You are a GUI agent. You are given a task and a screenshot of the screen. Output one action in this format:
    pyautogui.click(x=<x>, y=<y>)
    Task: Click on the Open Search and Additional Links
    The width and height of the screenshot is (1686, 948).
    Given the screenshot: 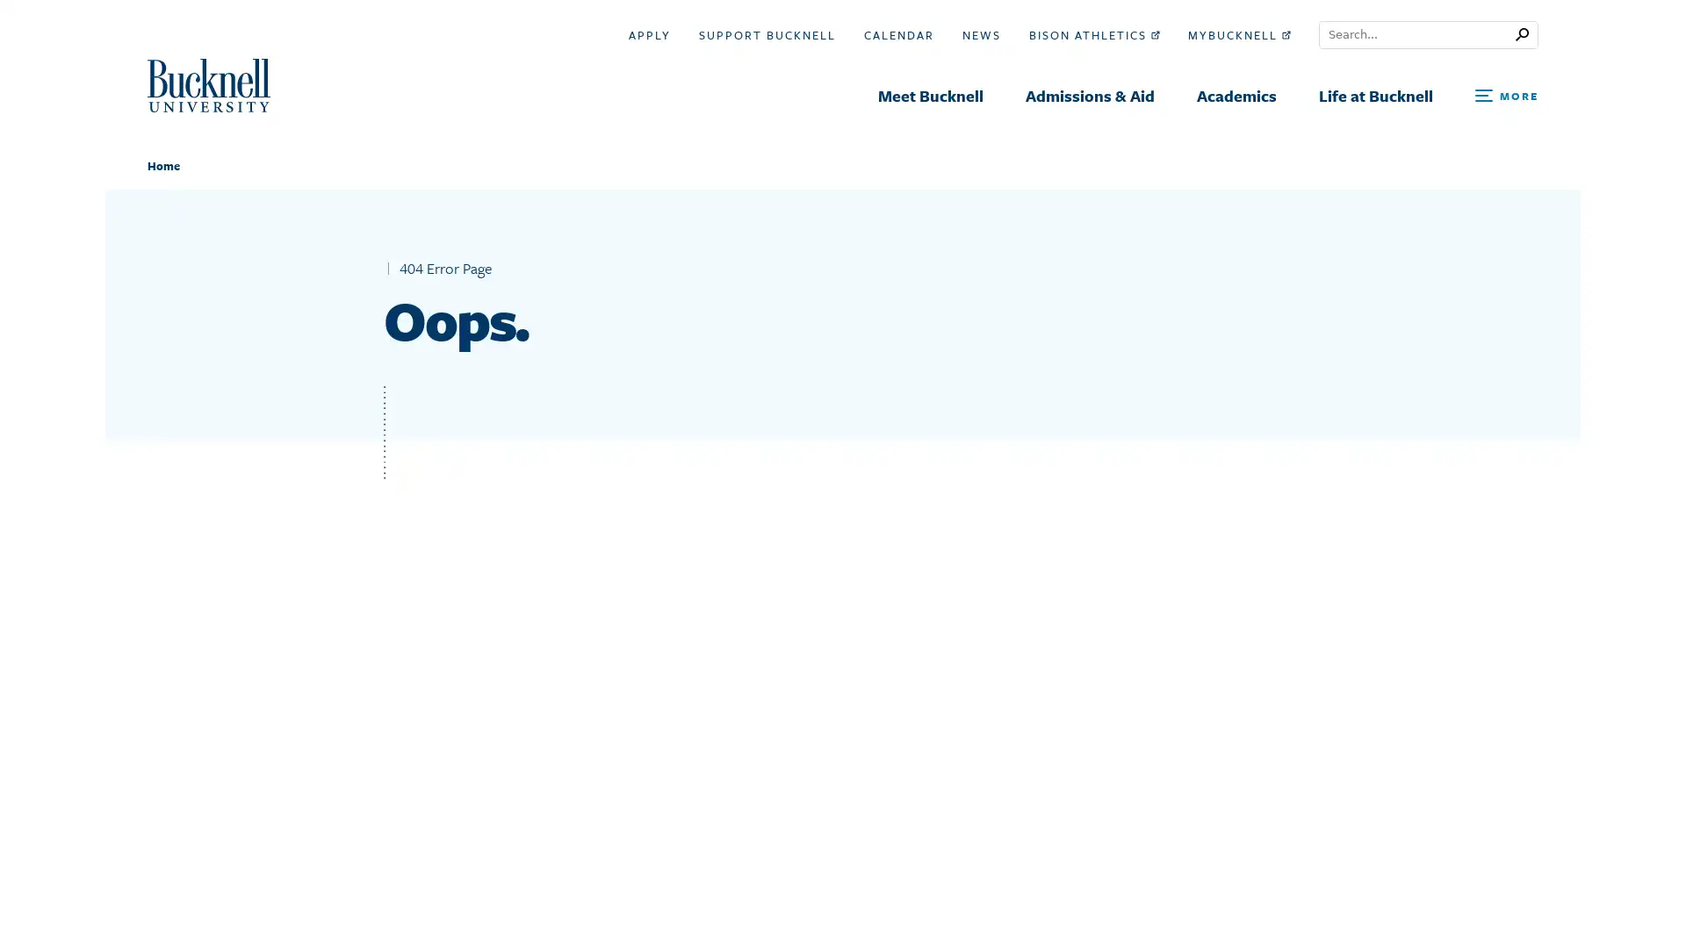 What is the action you would take?
    pyautogui.click(x=1506, y=96)
    